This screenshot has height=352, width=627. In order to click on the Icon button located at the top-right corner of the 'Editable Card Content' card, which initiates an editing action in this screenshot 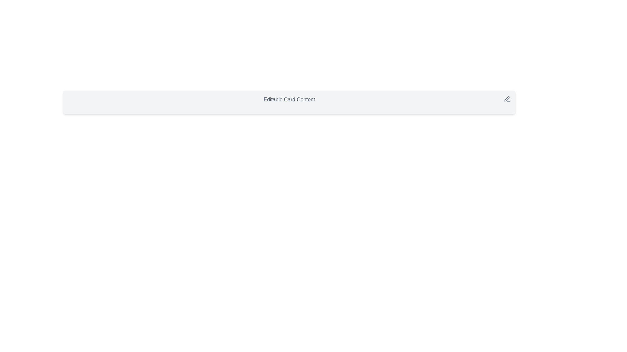, I will do `click(507, 99)`.